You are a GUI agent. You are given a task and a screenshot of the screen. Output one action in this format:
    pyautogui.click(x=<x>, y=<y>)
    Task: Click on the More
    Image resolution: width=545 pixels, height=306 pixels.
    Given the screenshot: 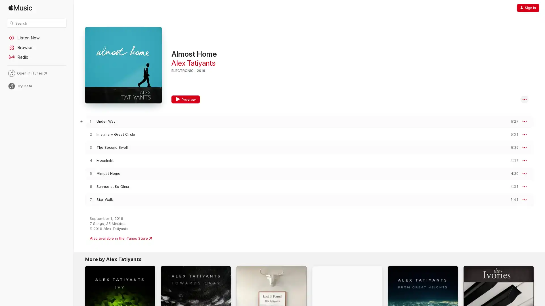 What is the action you would take?
    pyautogui.click(x=524, y=199)
    